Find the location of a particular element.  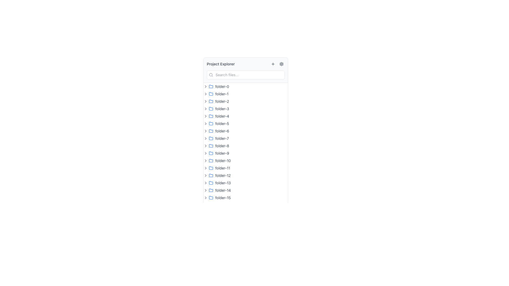

the folder list item labeled 'folder-6' in the Project Explorer tree view is located at coordinates (245, 131).